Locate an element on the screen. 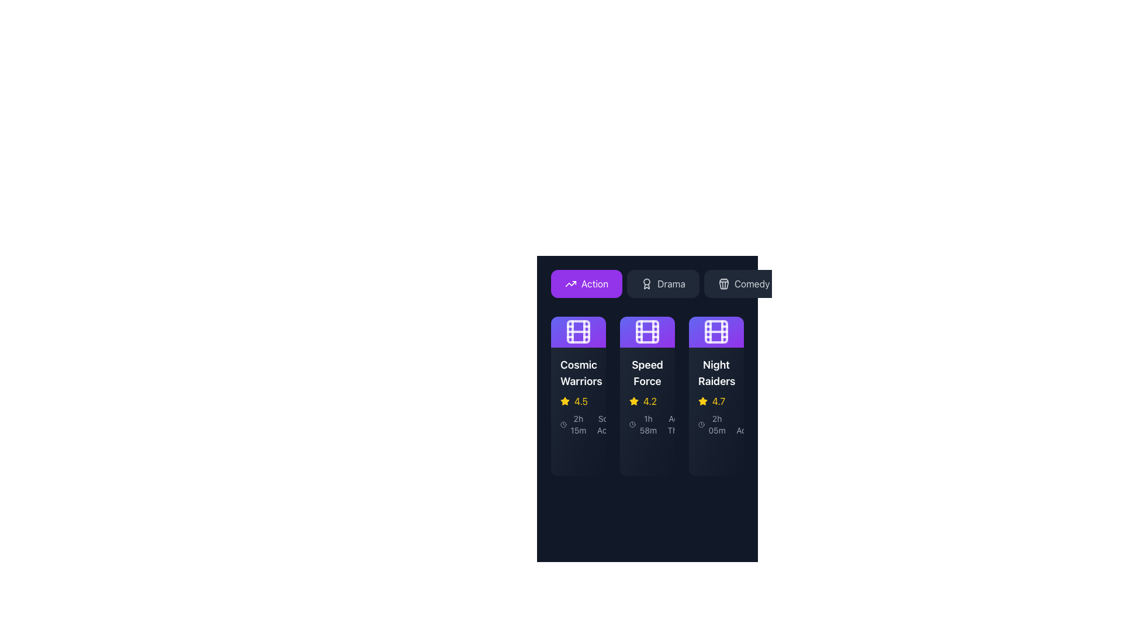 The height and width of the screenshot is (631, 1122). the static text label displaying '1h 58m', which is positioned beneath the rating section of the second card in a collection of three cards is located at coordinates (647, 424).